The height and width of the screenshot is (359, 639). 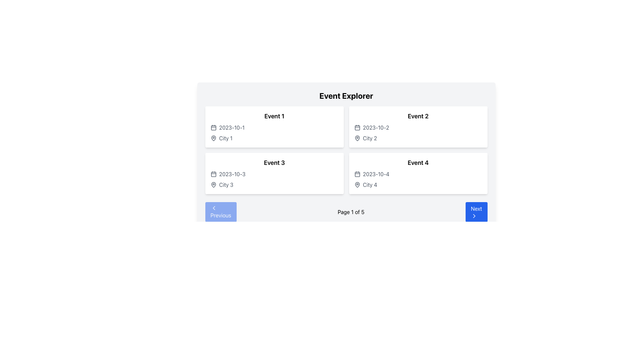 I want to click on the event title text label located at the upper section of the card, so click(x=274, y=163).